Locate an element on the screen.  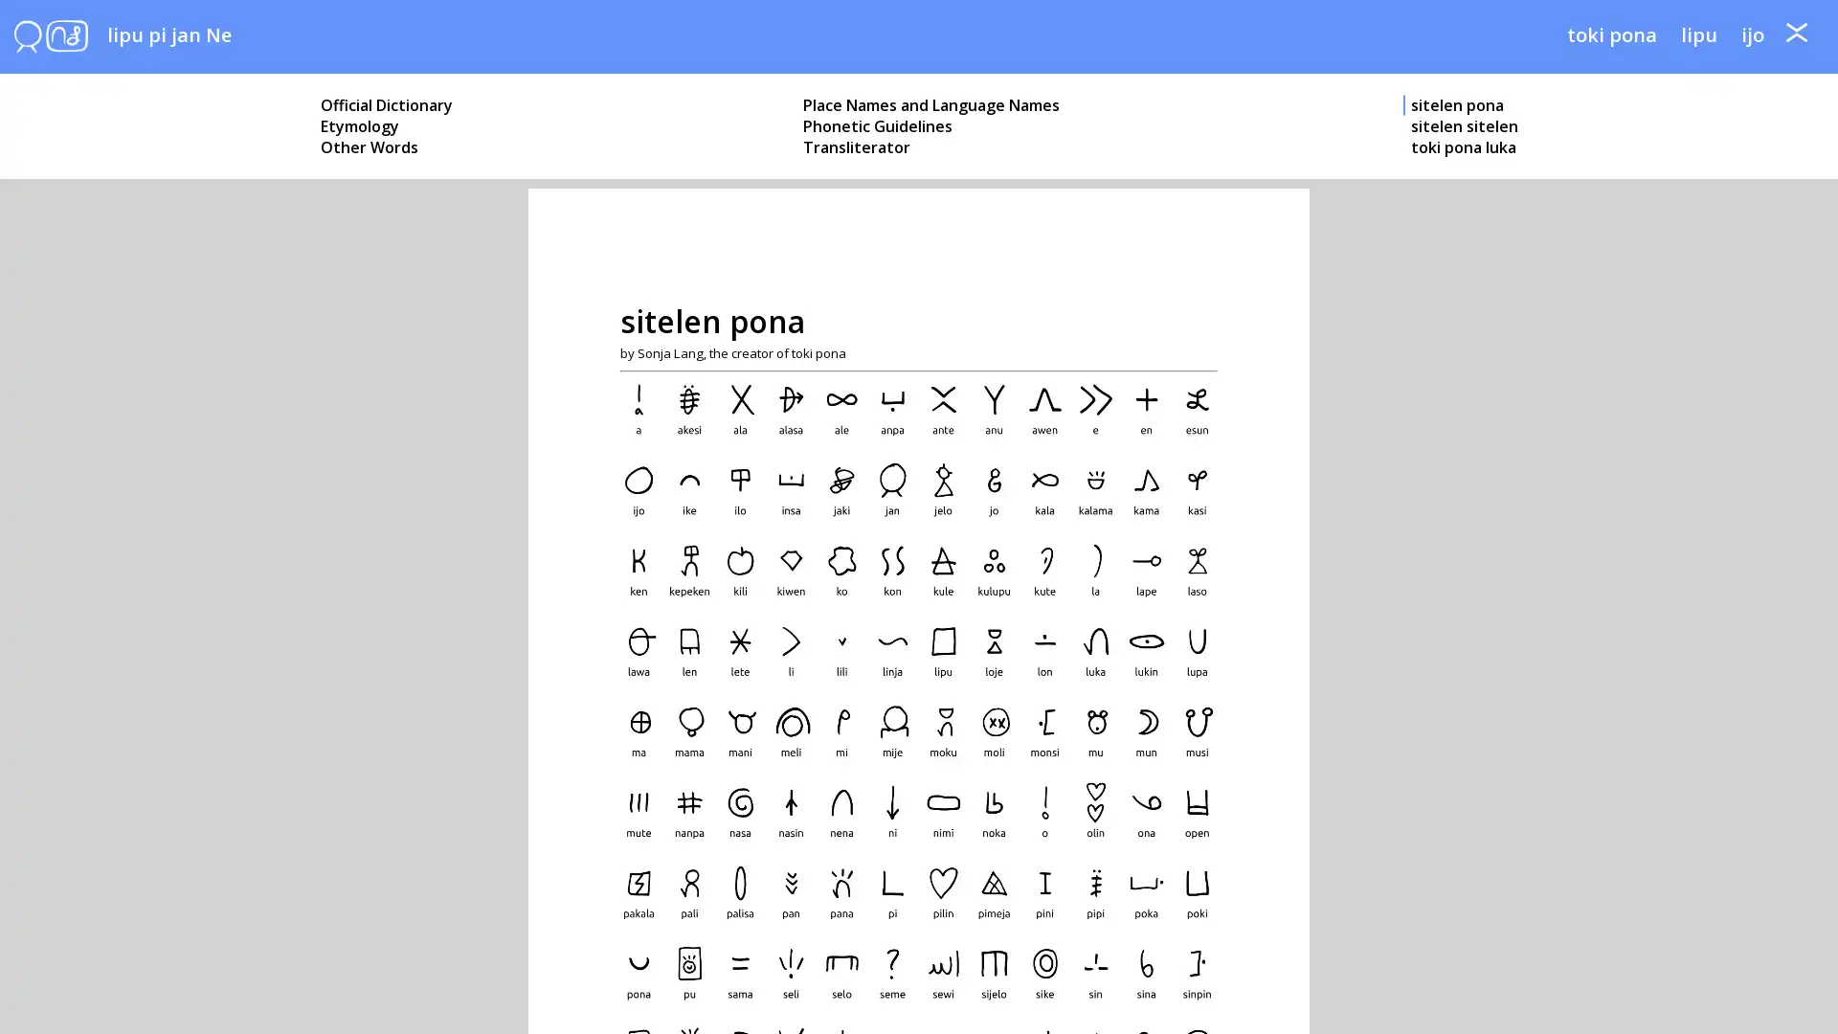
ante is located at coordinates (1795, 44).